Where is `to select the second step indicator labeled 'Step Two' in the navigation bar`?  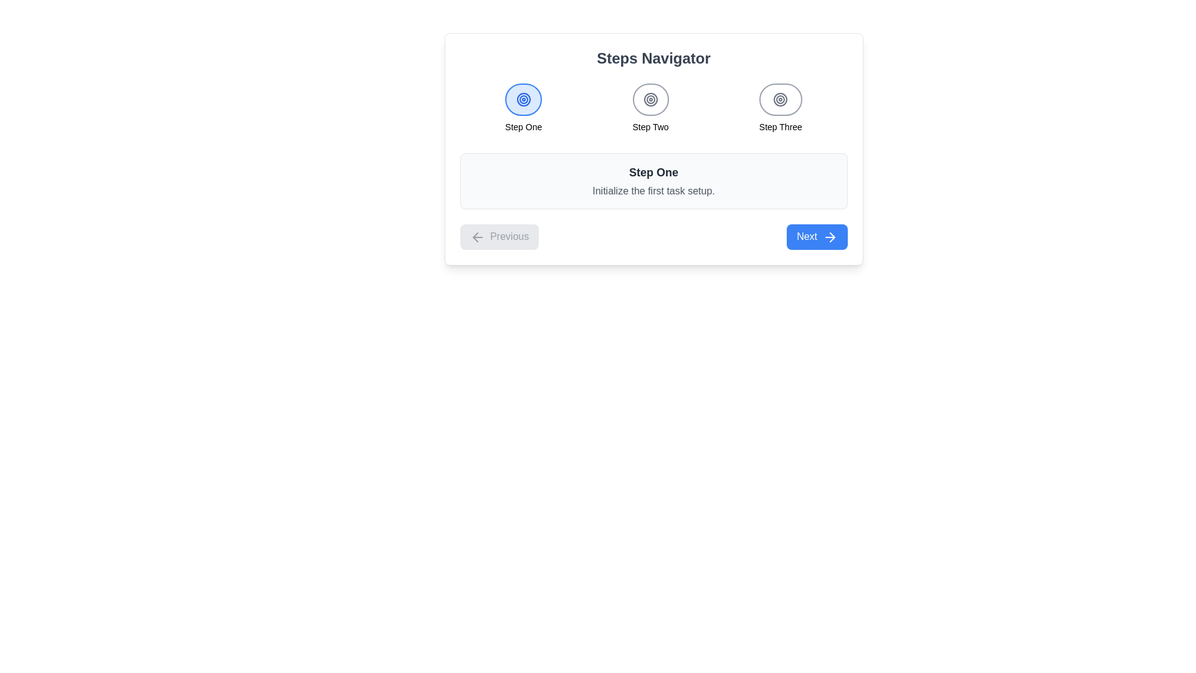
to select the second step indicator labeled 'Step Two' in the navigation bar is located at coordinates (650, 98).